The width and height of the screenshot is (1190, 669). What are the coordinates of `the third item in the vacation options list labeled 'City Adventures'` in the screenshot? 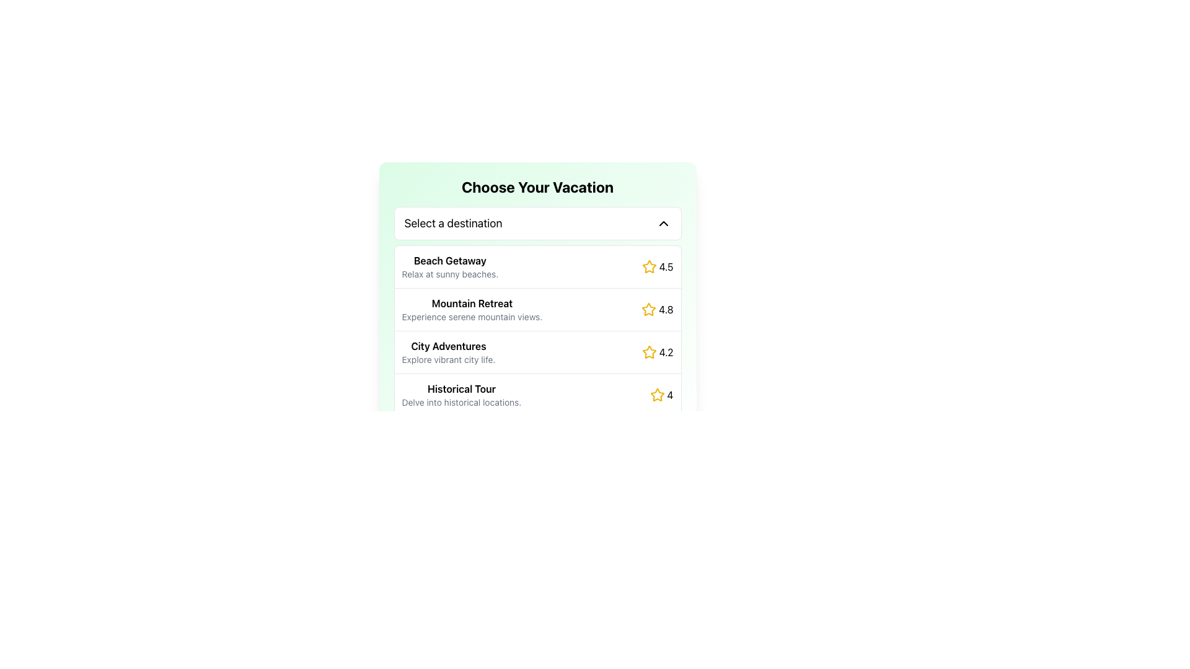 It's located at (537, 352).